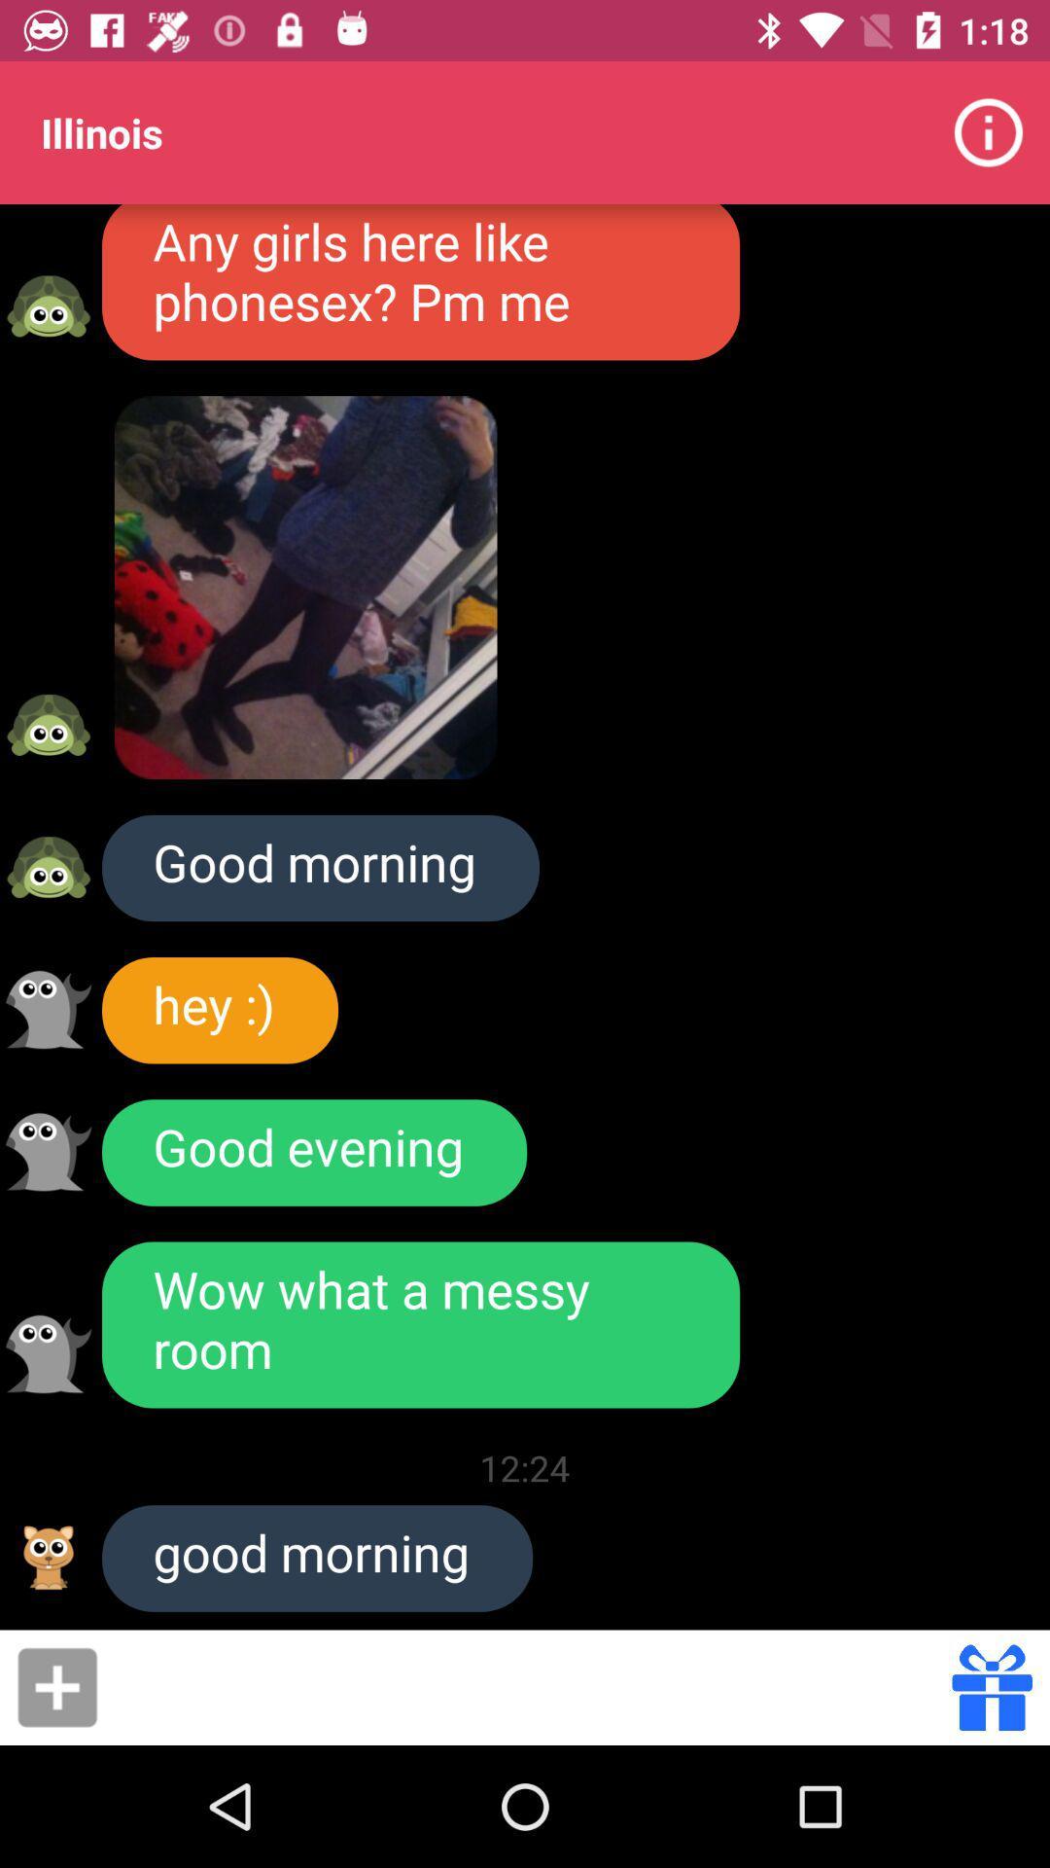 The height and width of the screenshot is (1868, 1050). What do you see at coordinates (306, 587) in the screenshot?
I see `the image which is below any girls here like phonesex pm me` at bounding box center [306, 587].